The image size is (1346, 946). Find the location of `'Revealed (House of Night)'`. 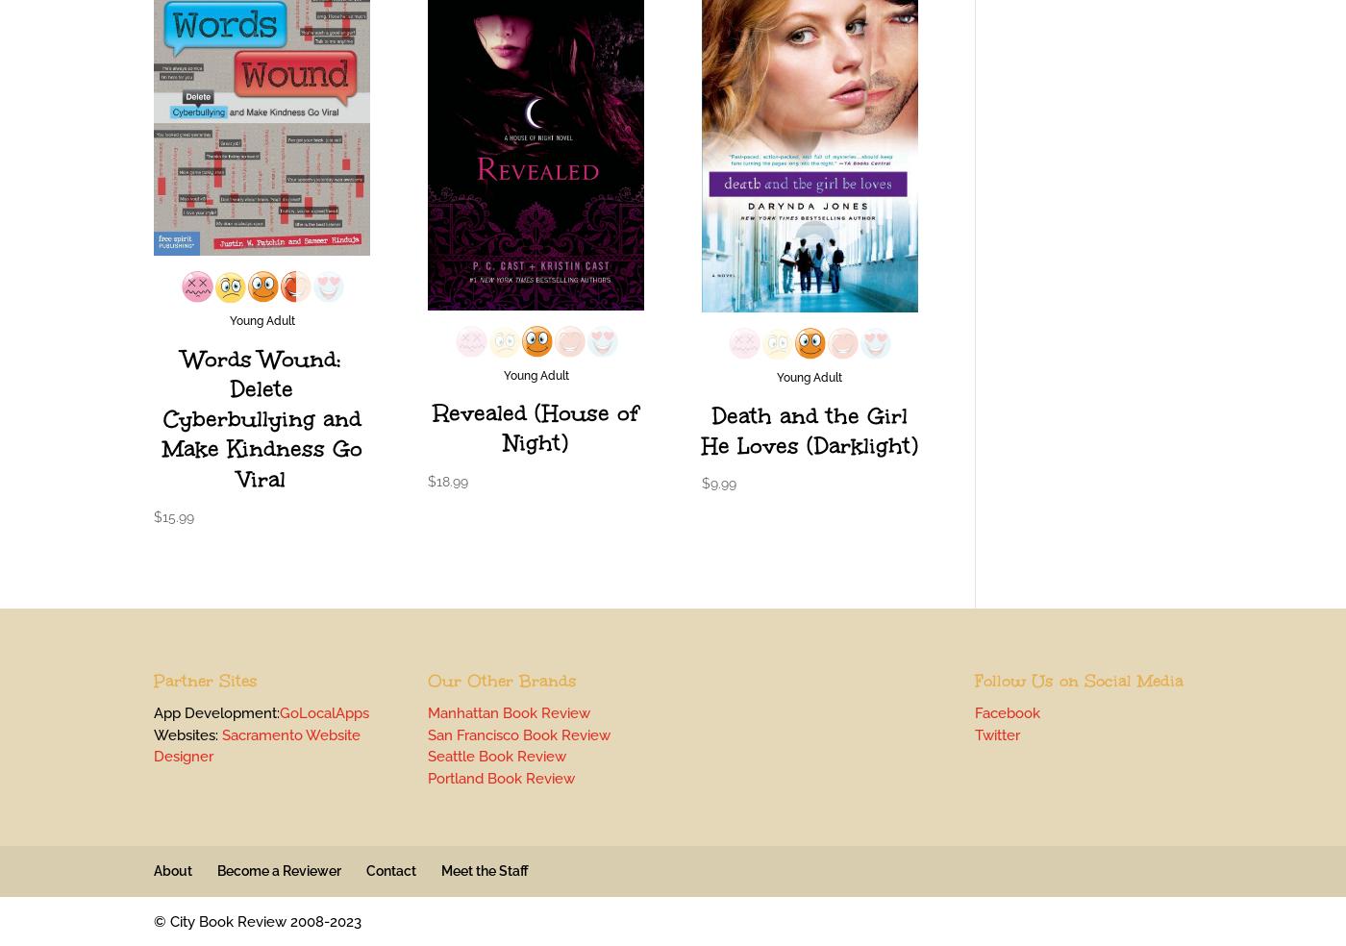

'Revealed (House of Night)' is located at coordinates (536, 427).